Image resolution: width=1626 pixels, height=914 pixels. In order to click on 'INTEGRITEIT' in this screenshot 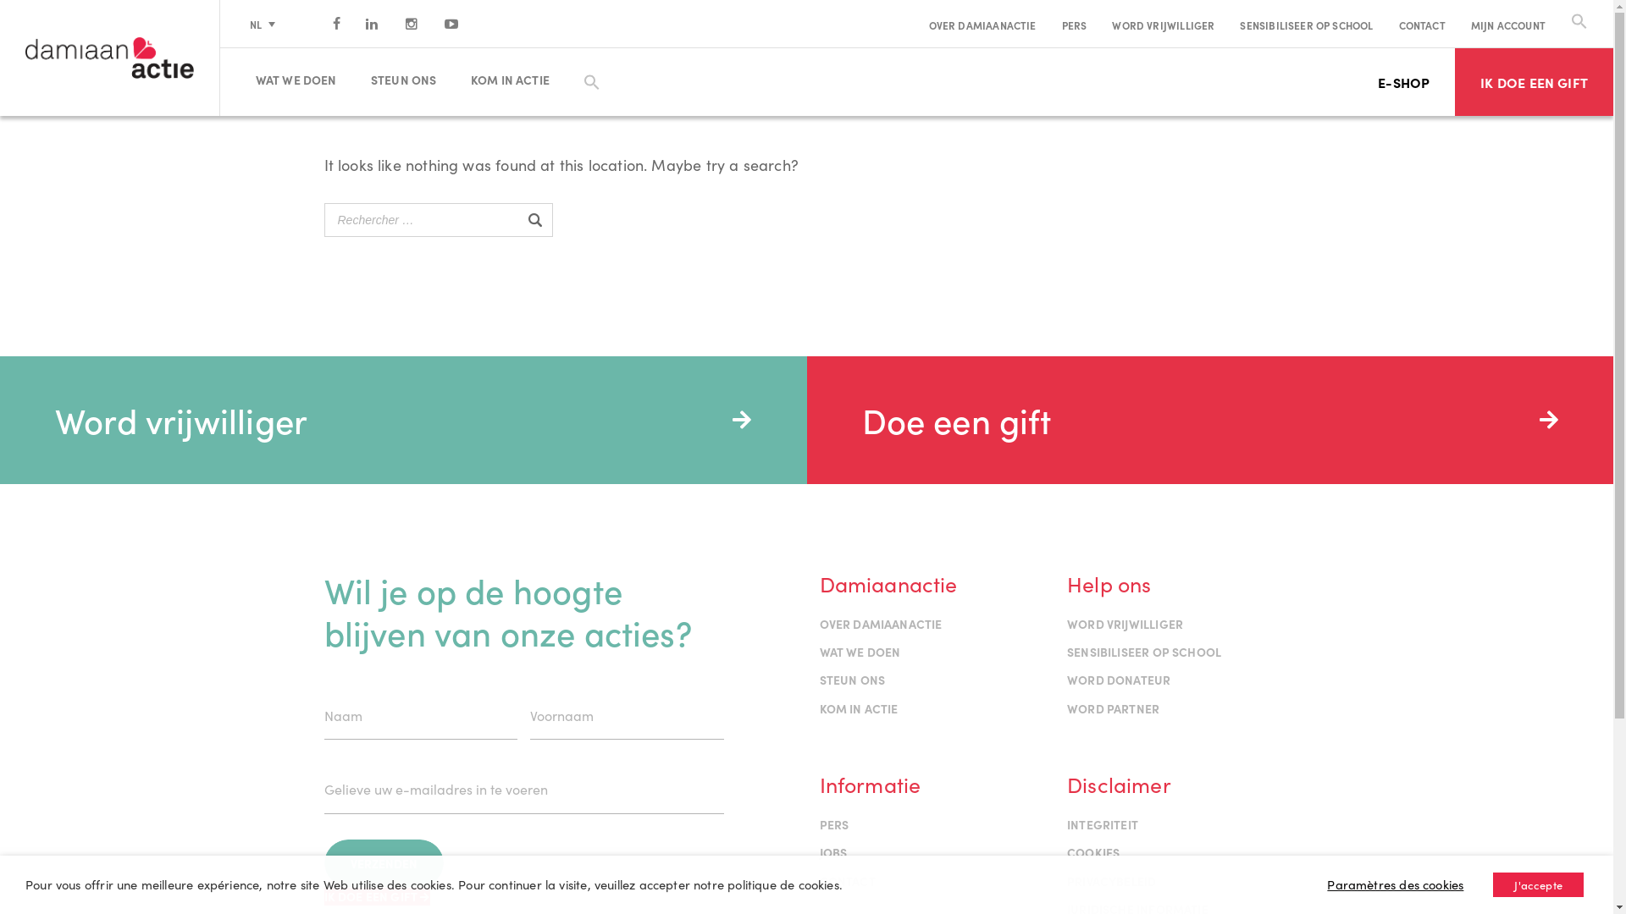, I will do `click(1102, 823)`.